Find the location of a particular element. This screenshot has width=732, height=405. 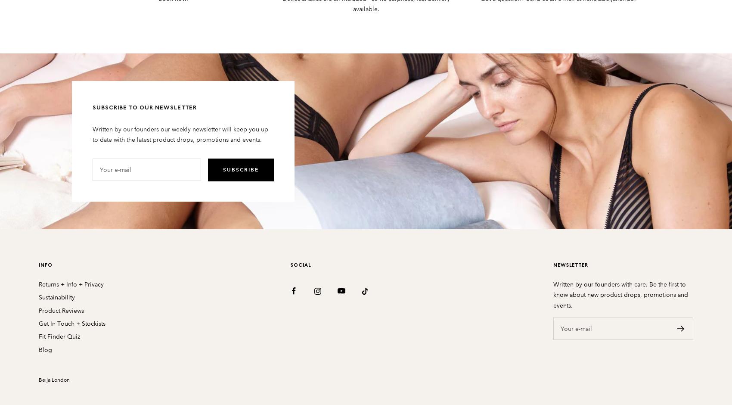

'SOCIAL' is located at coordinates (301, 265).